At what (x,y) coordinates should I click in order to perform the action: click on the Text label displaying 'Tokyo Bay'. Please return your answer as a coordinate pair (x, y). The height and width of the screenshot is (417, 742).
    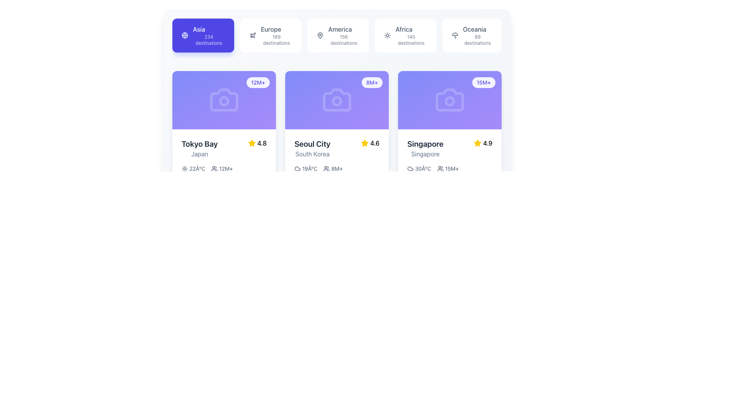
    Looking at the image, I should click on (199, 144).